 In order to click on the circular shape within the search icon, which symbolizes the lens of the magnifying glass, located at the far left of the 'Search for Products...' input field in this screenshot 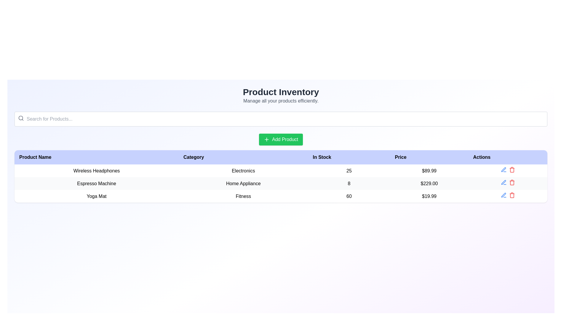, I will do `click(21, 118)`.